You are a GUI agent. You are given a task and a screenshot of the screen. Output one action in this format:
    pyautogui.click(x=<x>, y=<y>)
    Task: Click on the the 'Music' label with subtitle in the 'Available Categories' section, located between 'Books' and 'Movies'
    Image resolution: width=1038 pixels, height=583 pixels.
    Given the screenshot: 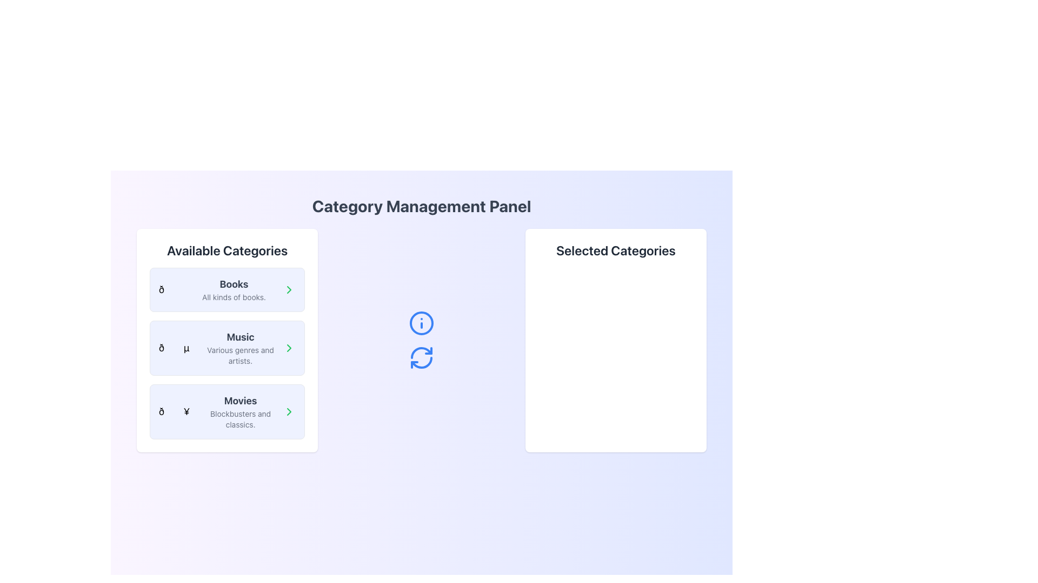 What is the action you would take?
    pyautogui.click(x=239, y=348)
    